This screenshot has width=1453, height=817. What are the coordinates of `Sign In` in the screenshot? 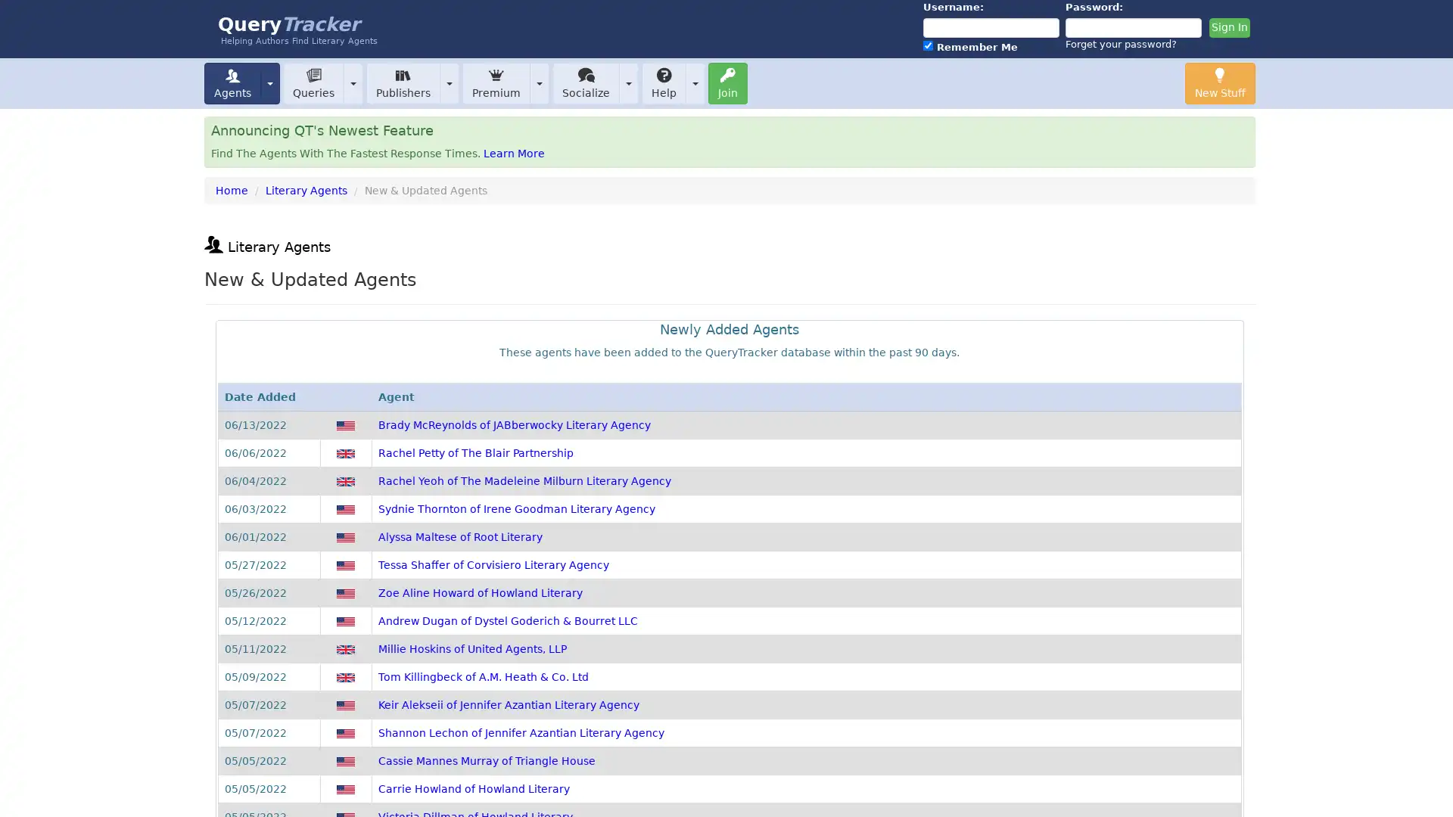 It's located at (1228, 28).